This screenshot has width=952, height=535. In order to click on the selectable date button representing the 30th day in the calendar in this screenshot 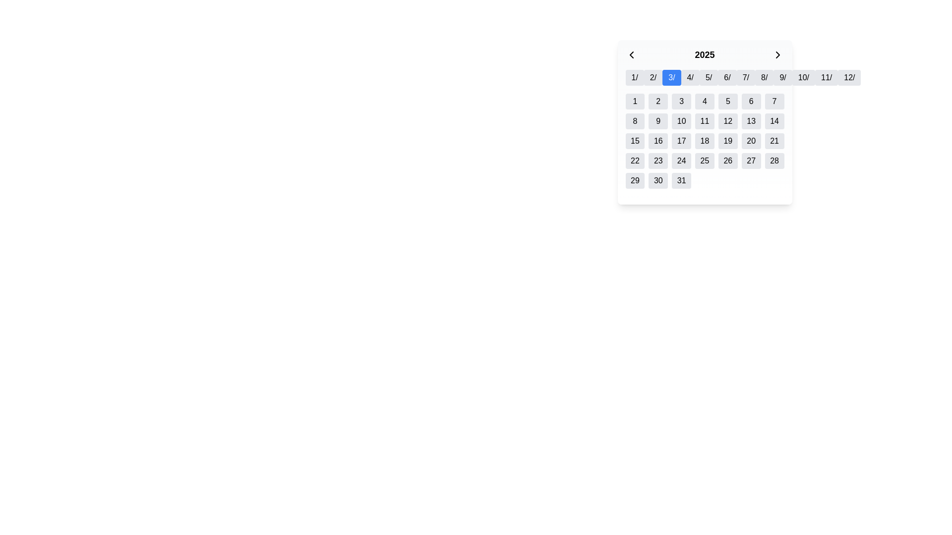, I will do `click(658, 181)`.